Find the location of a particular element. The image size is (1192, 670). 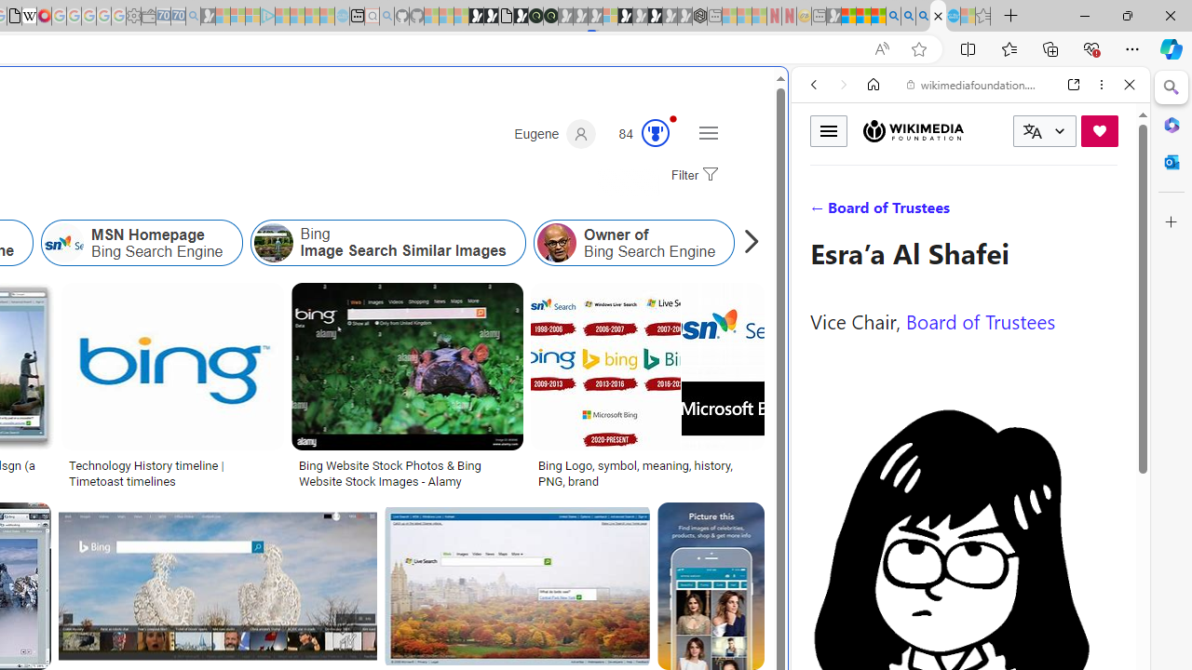

'Close Customize pane' is located at coordinates (1171, 221).